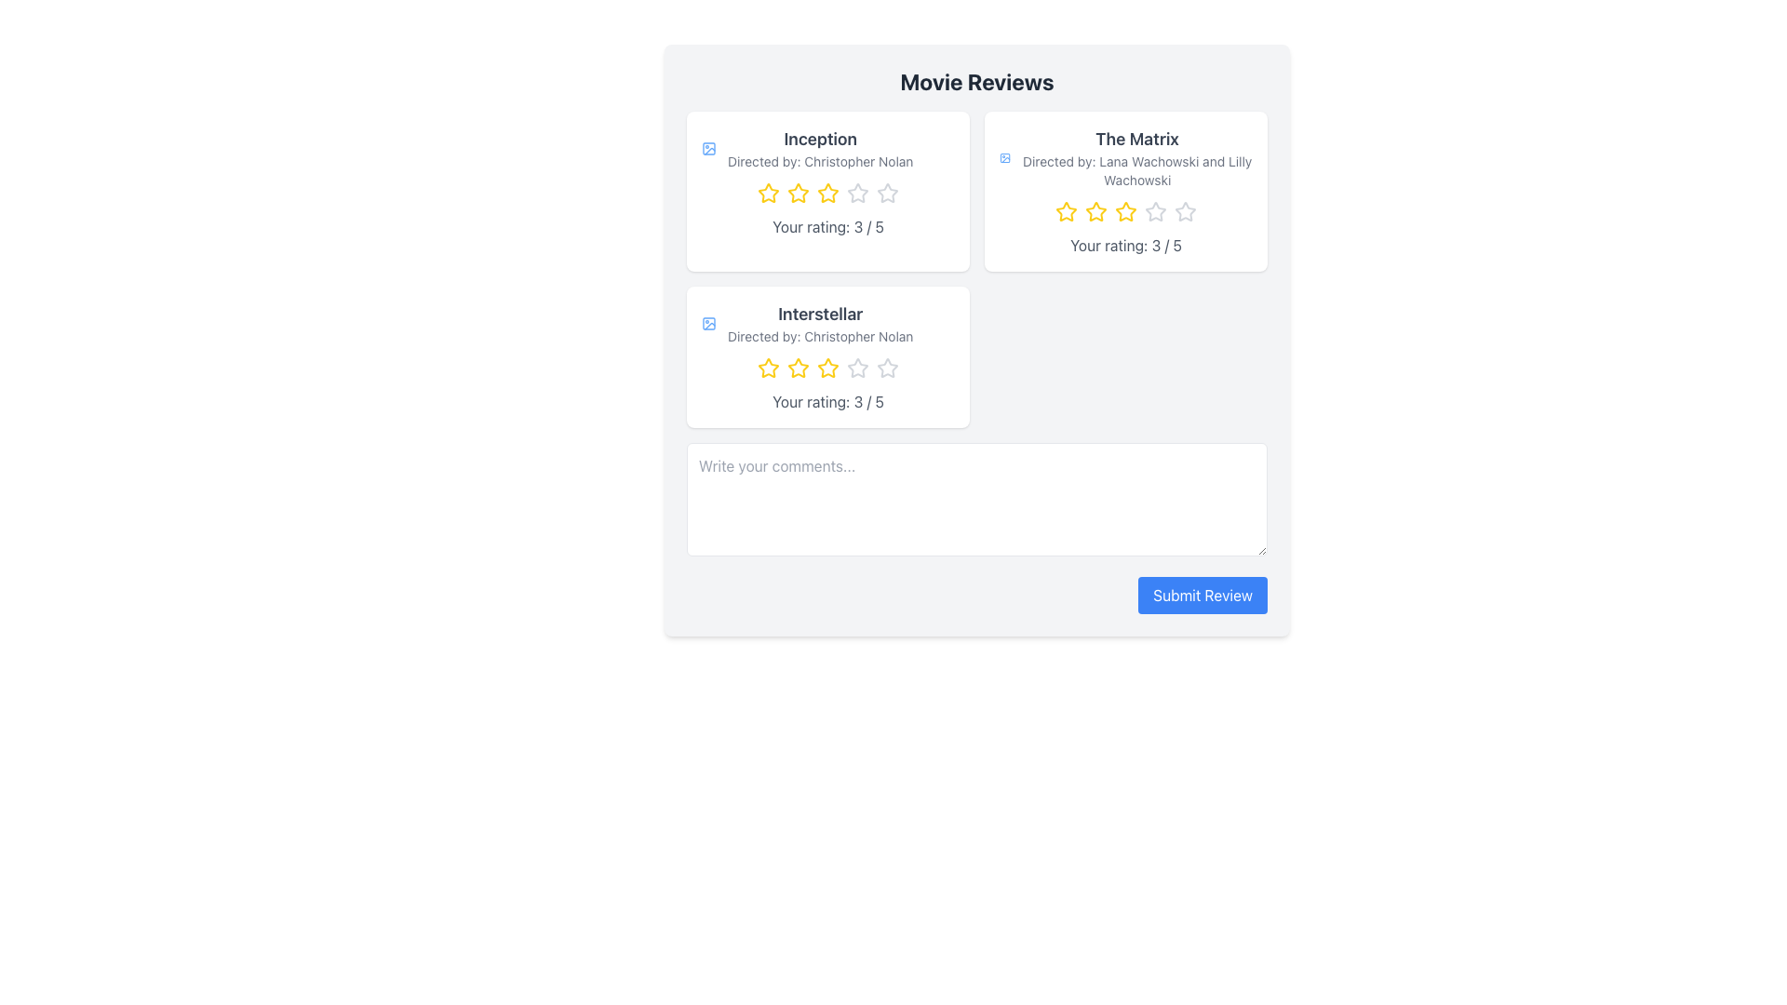 The height and width of the screenshot is (1005, 1787). What do you see at coordinates (819, 314) in the screenshot?
I see `the text label displaying 'Interstellar' in a large, bold font, located in the left column of the movie review card under 'Inception'` at bounding box center [819, 314].